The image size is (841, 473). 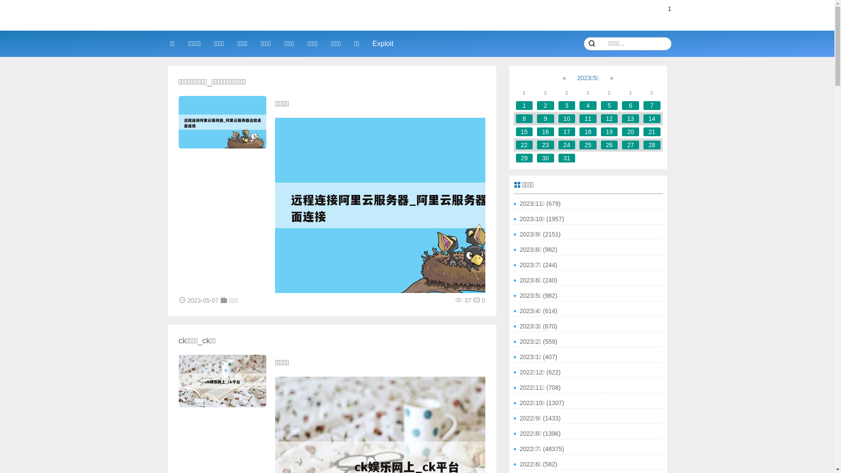 What do you see at coordinates (652, 145) in the screenshot?
I see `'28'` at bounding box center [652, 145].